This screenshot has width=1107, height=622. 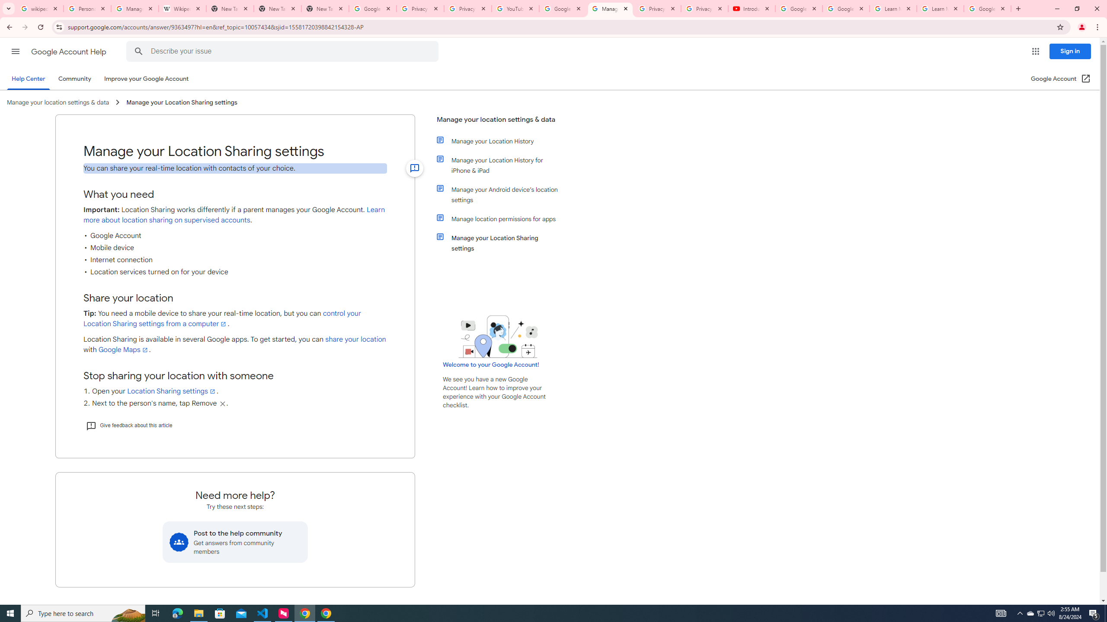 What do you see at coordinates (284, 51) in the screenshot?
I see `'Describe your issue'` at bounding box center [284, 51].